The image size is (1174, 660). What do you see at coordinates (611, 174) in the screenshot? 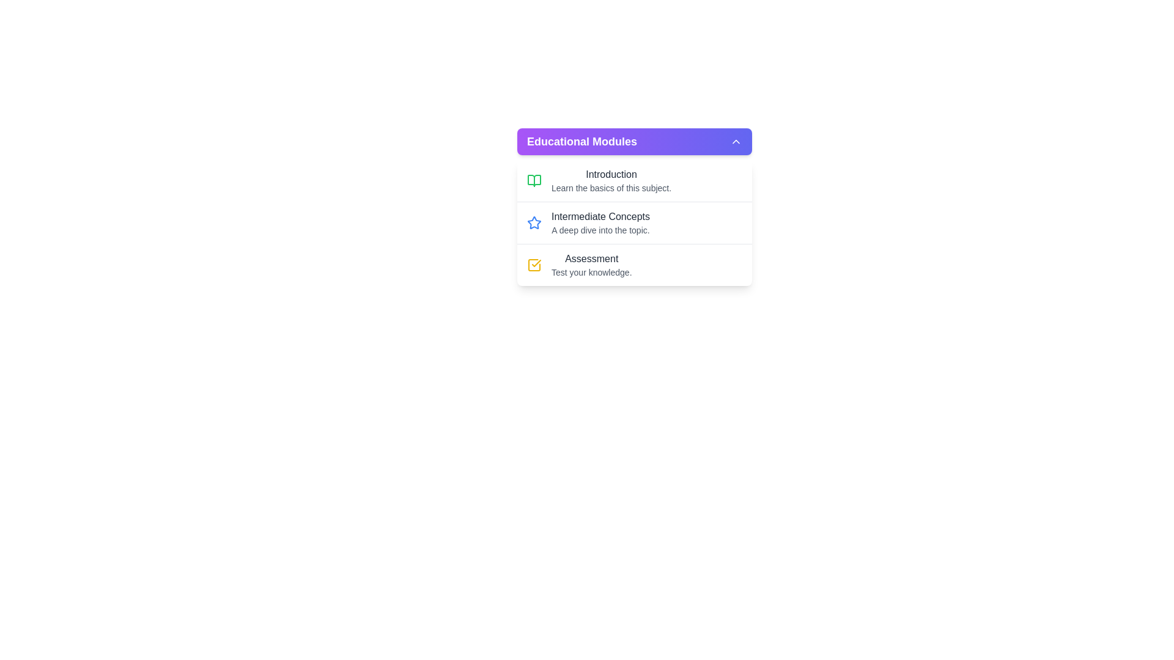
I see `text label displaying 'Introduction' in bold, dark gray color located in the first row of the 'Educational Modules' card` at bounding box center [611, 174].